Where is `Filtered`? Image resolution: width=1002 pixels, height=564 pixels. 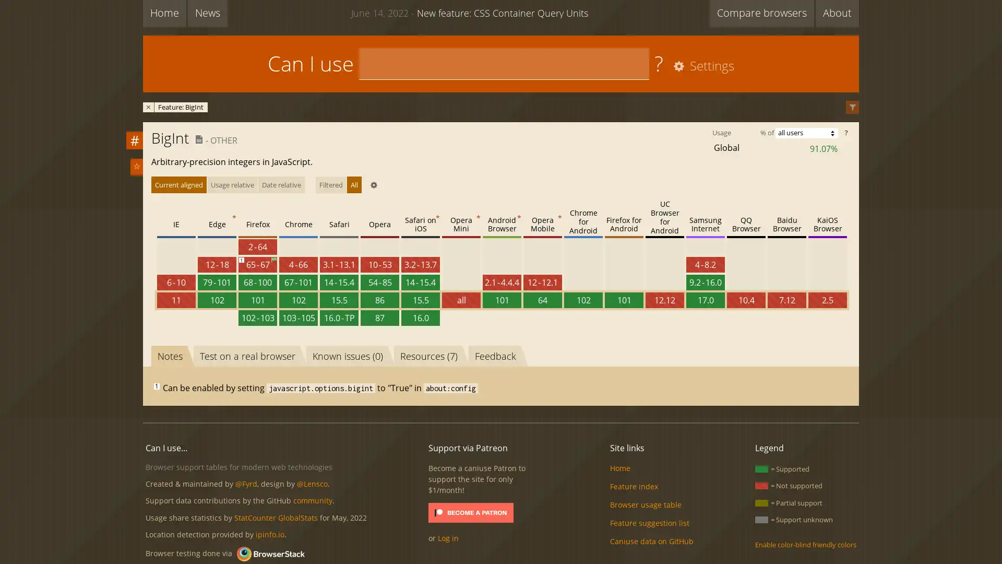 Filtered is located at coordinates (330, 184).